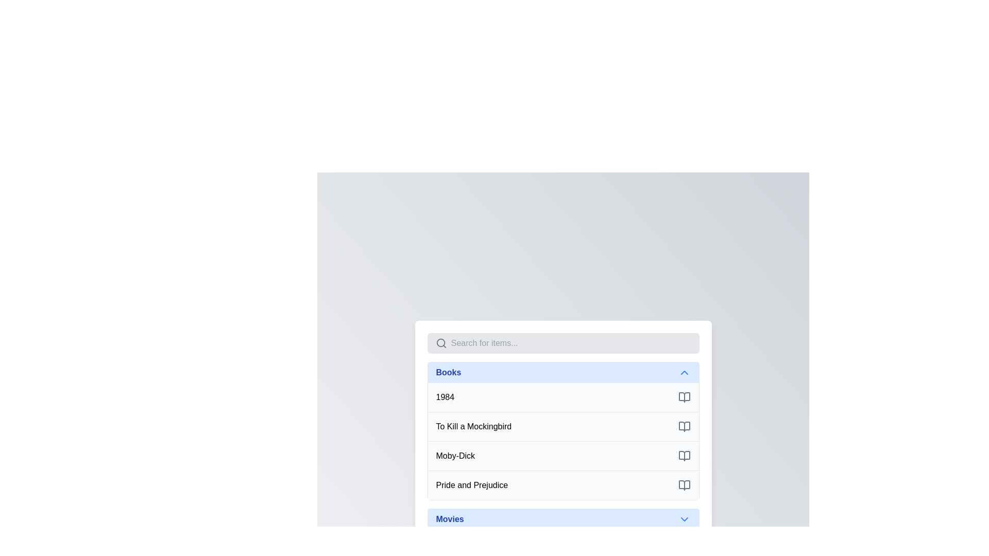  What do you see at coordinates (473, 426) in the screenshot?
I see `the text label displaying the book's title, which is the second item under the 'Books' heading in the list` at bounding box center [473, 426].